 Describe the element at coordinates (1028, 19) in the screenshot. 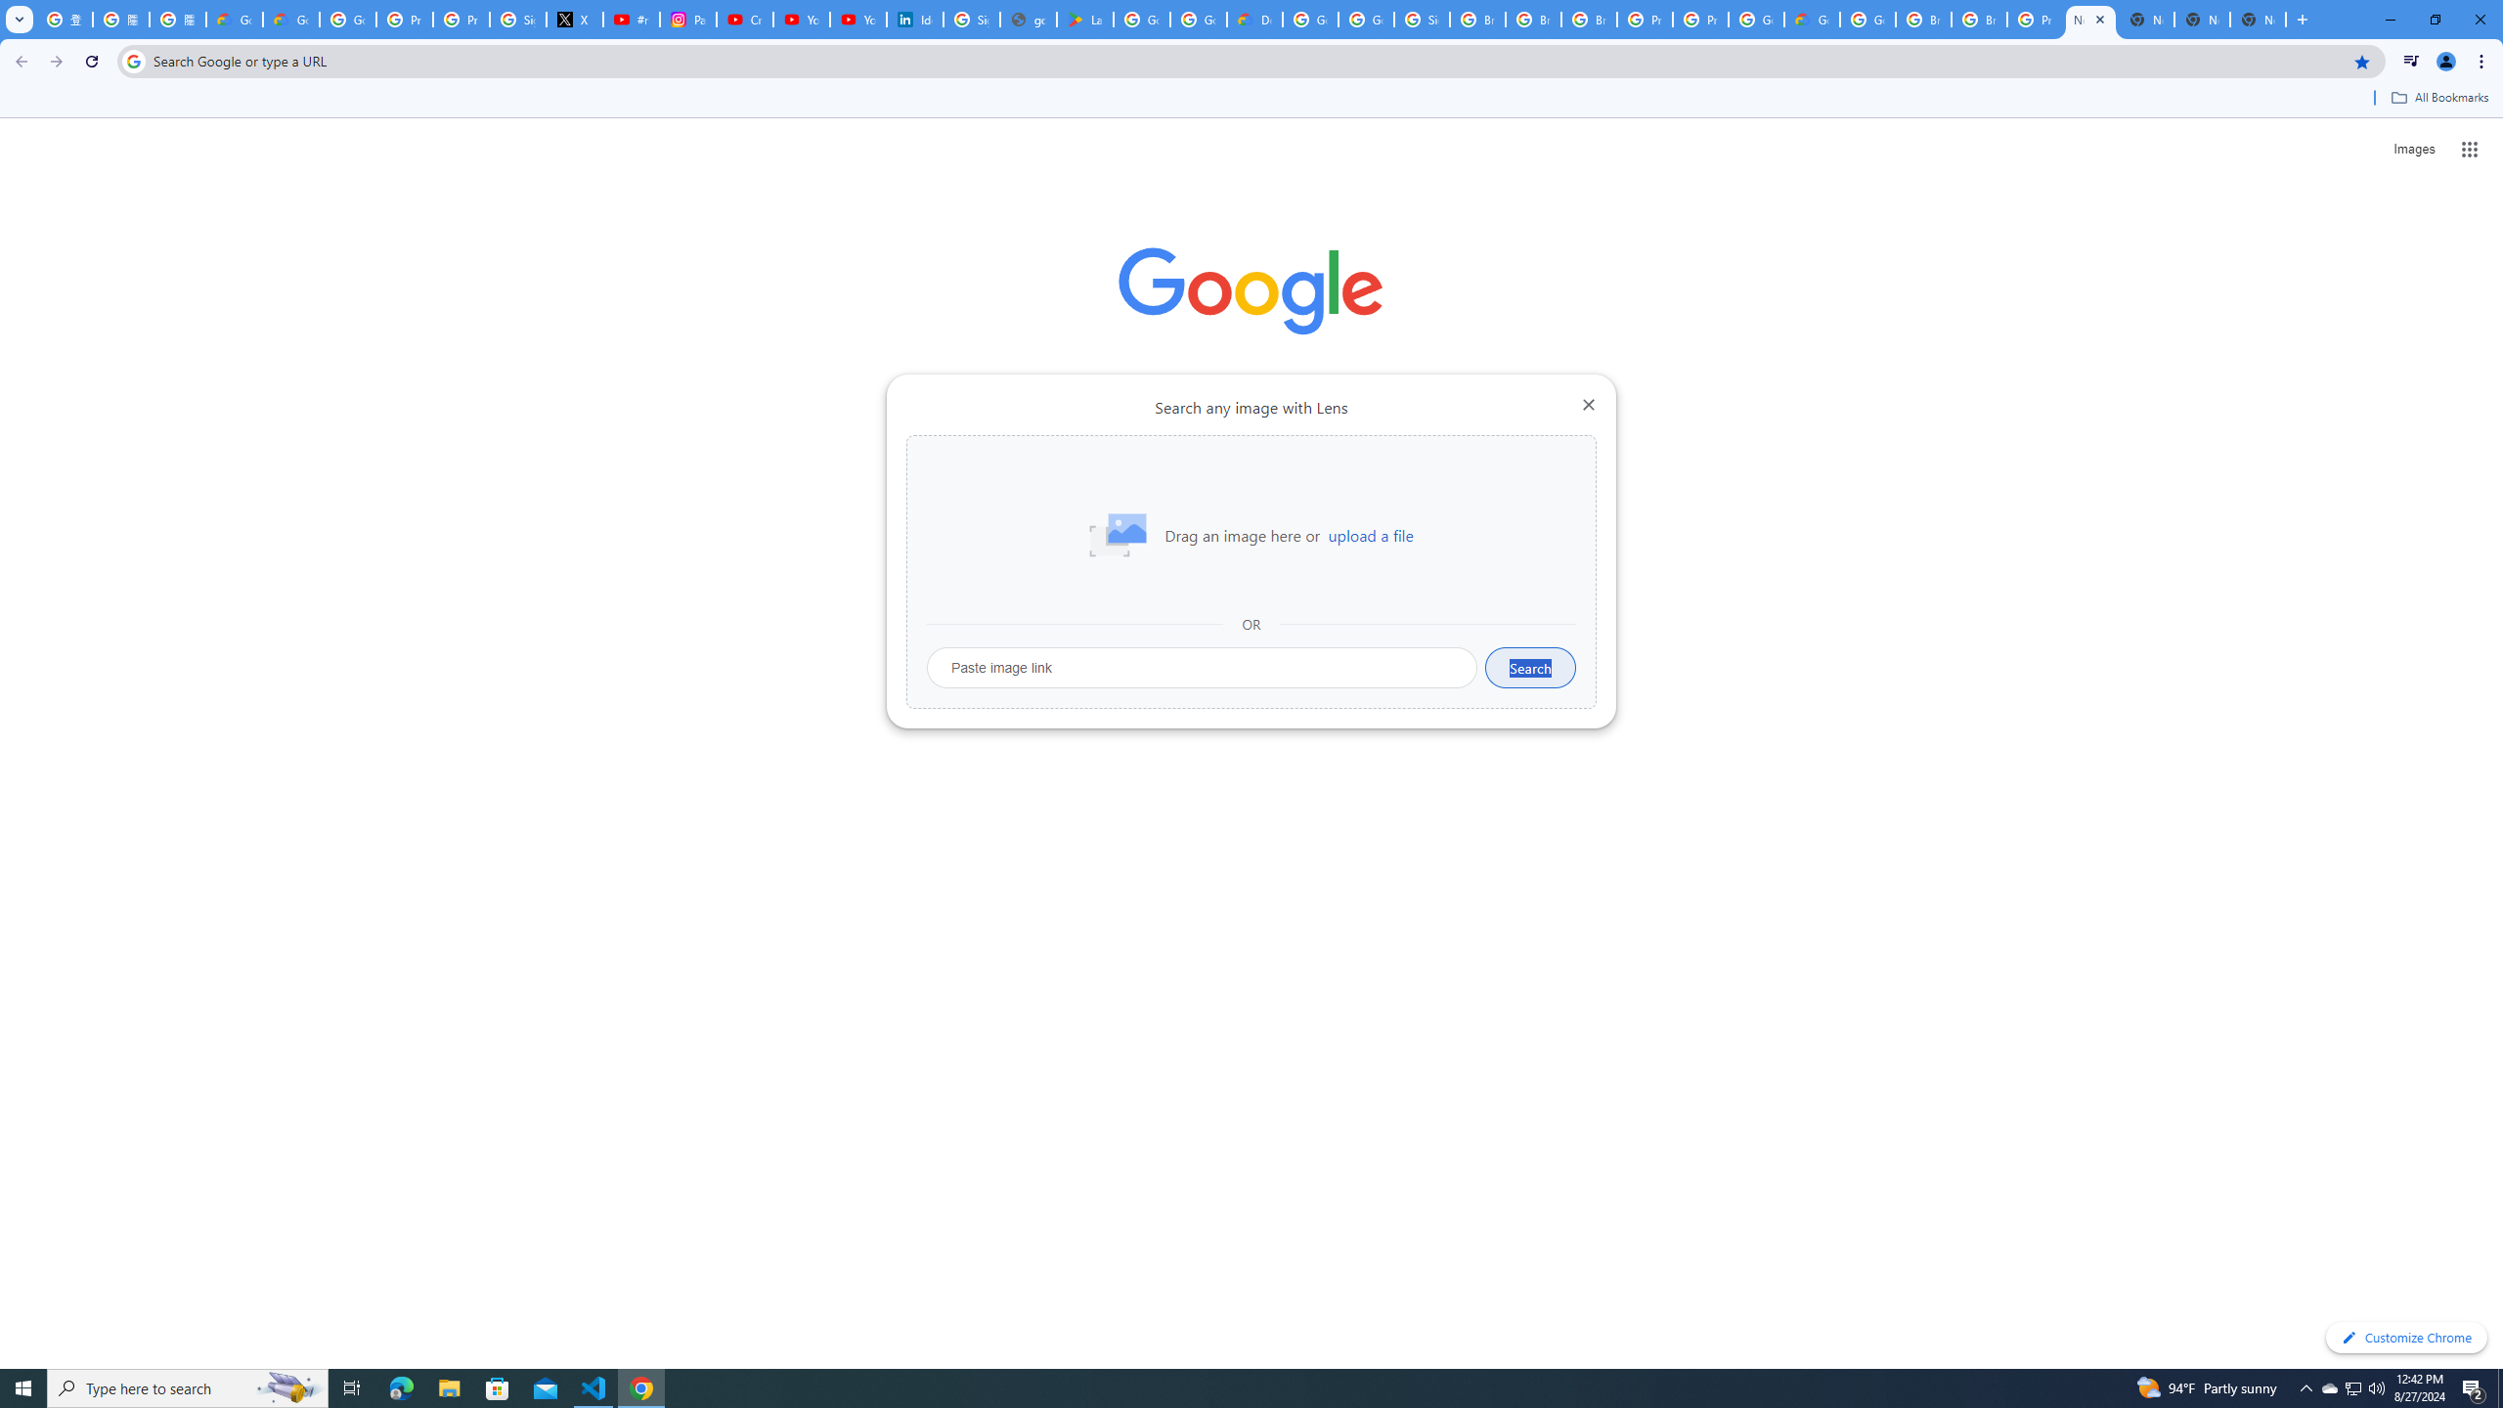

I see `'google_privacy_policy_en.pdf'` at that location.